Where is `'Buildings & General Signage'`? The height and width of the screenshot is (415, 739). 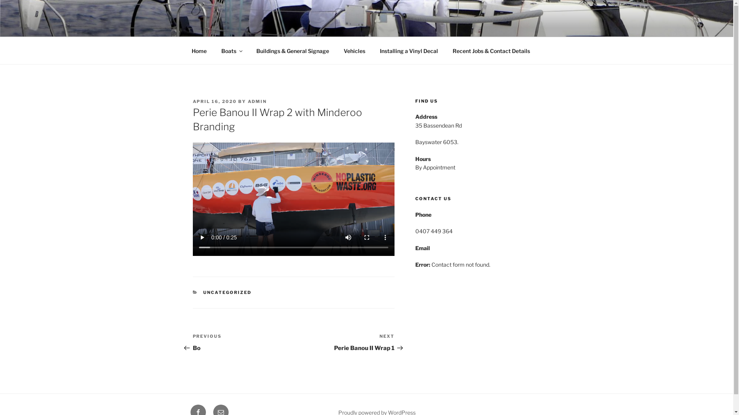 'Buildings & General Signage' is located at coordinates (292, 51).